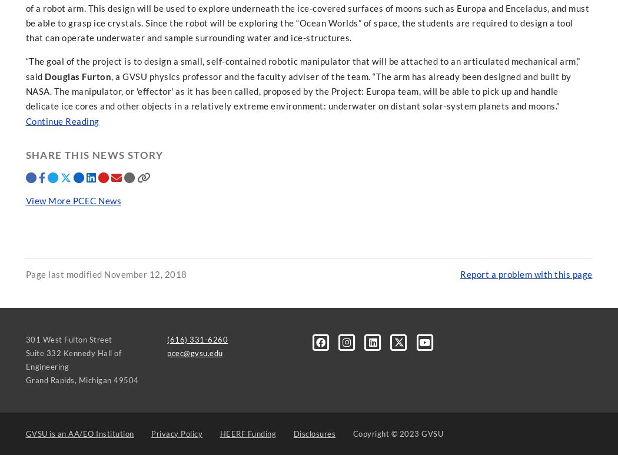  What do you see at coordinates (94, 379) in the screenshot?
I see `'Michigan'` at bounding box center [94, 379].